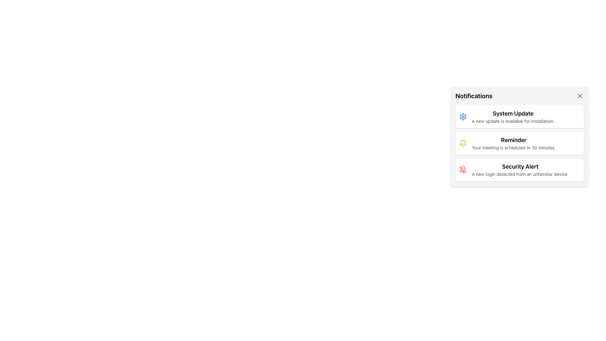 The width and height of the screenshot is (606, 341). I want to click on the red outlined bell icon with a diagonal line crossing it, indicating disabled notifications, so click(463, 169).